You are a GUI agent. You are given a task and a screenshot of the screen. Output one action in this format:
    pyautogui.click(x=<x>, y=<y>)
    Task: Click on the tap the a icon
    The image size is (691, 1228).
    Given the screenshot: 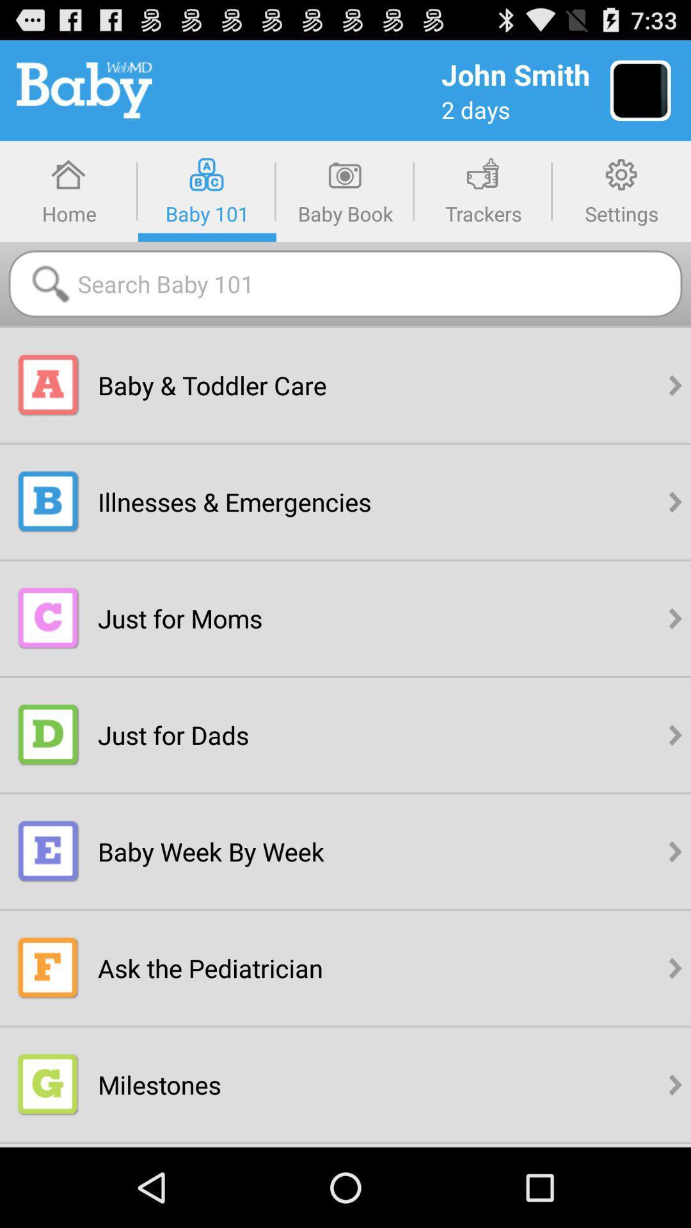 What is the action you would take?
    pyautogui.click(x=48, y=385)
    